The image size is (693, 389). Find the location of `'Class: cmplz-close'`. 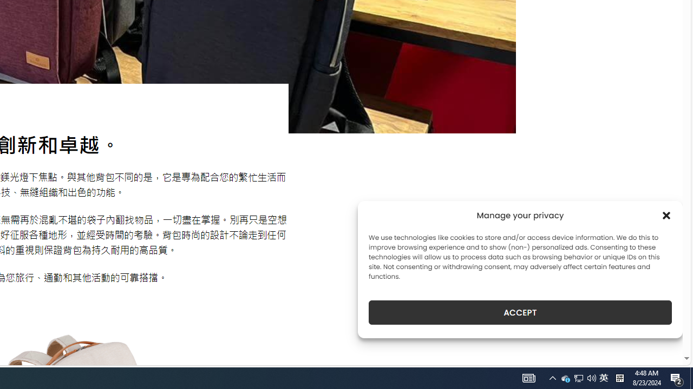

'Class: cmplz-close' is located at coordinates (666, 215).